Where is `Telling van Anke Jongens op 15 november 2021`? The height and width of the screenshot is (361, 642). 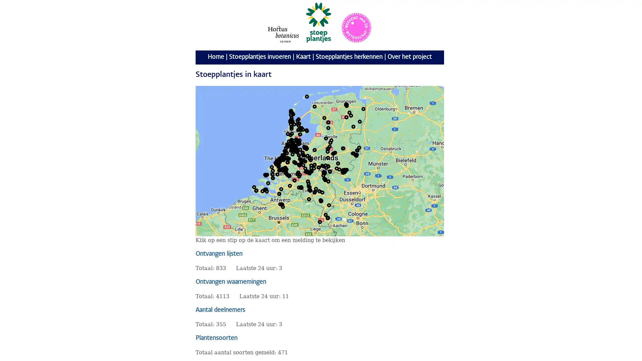 Telling van Anke Jongens op 15 november 2021 is located at coordinates (314, 149).